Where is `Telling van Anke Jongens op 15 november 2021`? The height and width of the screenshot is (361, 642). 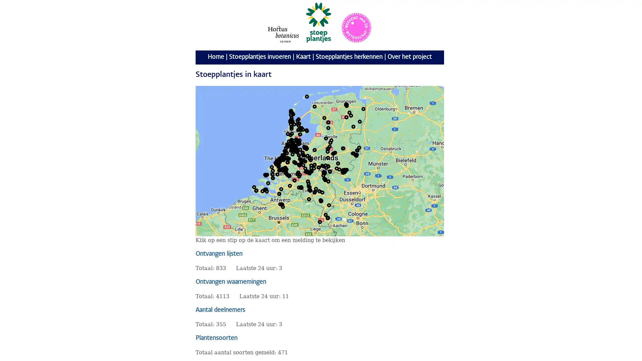 Telling van Anke Jongens op 15 november 2021 is located at coordinates (314, 149).